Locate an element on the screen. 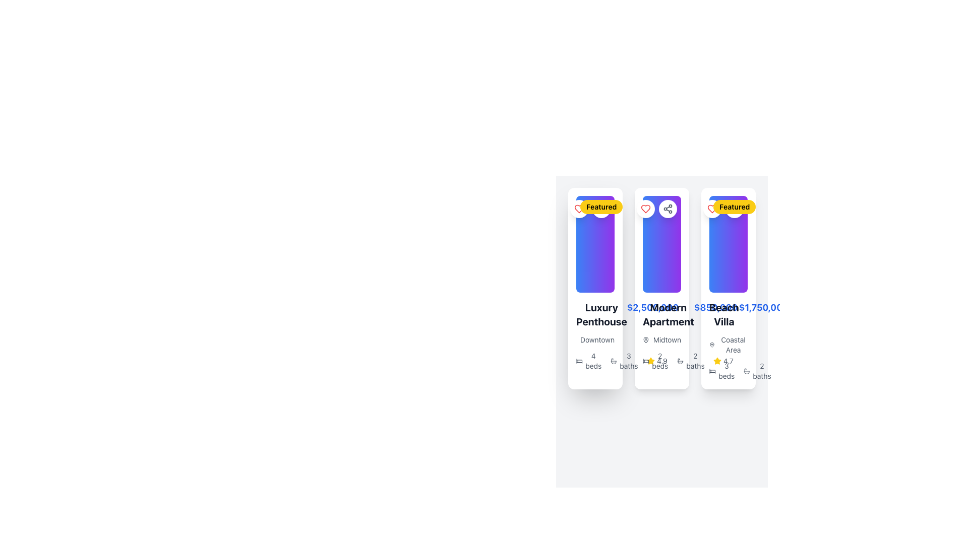  the 'Beach Villa' text label, which is displayed in bold, extra-large dark gray font on a white background, located below the price label '$1,750,000' in the third card of a horizontal list is located at coordinates (723, 314).